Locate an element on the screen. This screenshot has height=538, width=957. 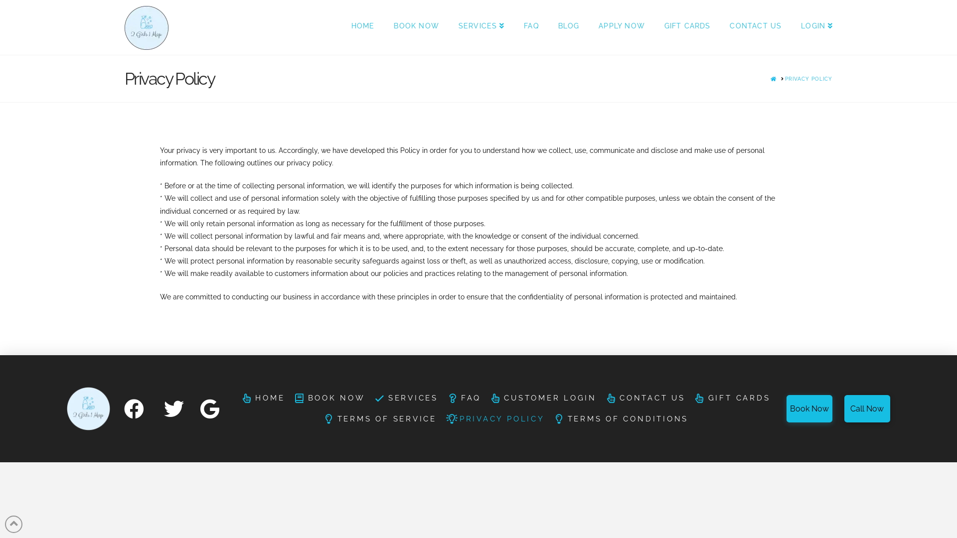
'Call Now' is located at coordinates (844, 408).